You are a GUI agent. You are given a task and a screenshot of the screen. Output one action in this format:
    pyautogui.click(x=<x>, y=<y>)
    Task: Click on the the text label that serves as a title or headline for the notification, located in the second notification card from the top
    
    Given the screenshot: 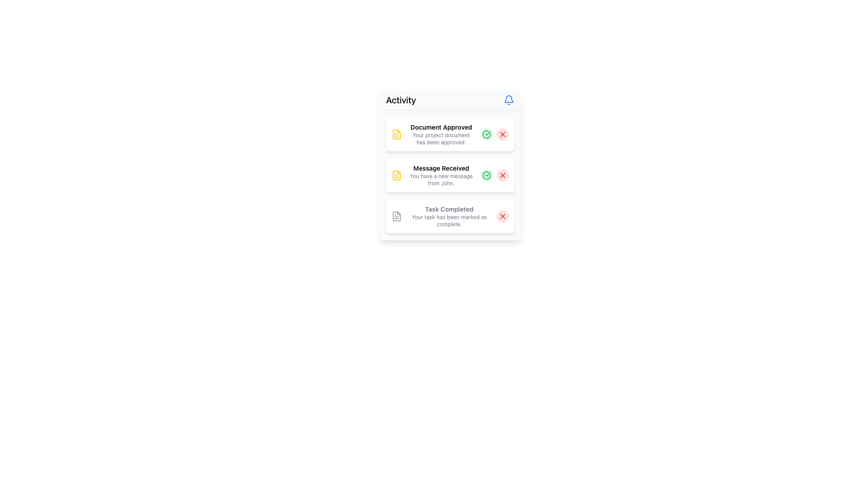 What is the action you would take?
    pyautogui.click(x=441, y=168)
    